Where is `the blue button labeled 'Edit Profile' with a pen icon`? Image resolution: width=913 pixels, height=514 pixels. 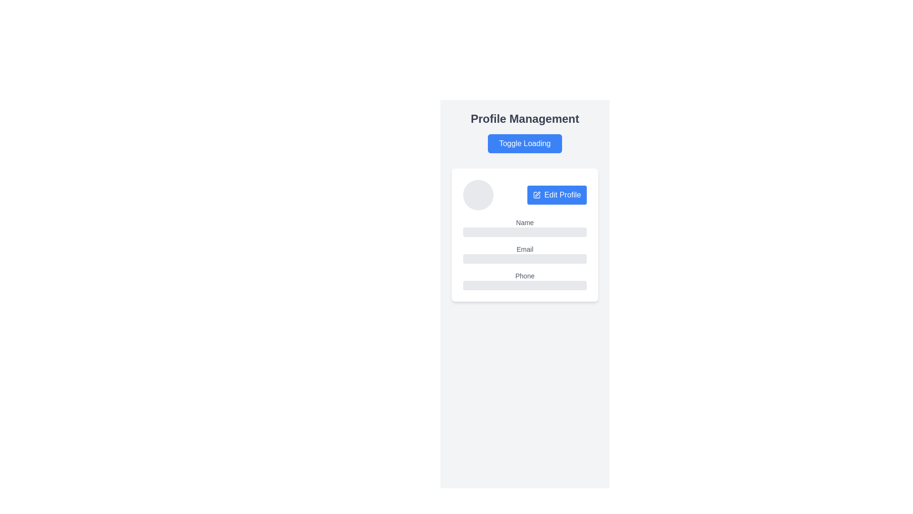 the blue button labeled 'Edit Profile' with a pen icon is located at coordinates (524, 194).